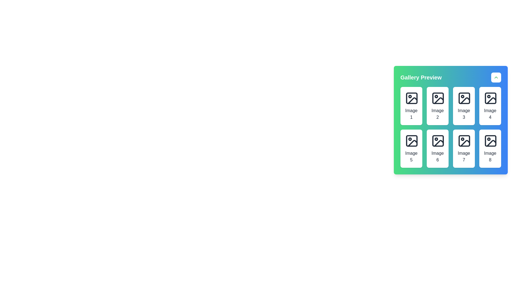 The height and width of the screenshot is (299, 531). What do you see at coordinates (491, 141) in the screenshot?
I see `the image placeholder icon labeled 'Image 8' located in the bottom-right cell of the 2x4 grid under the 'Gallery Preview' section` at bounding box center [491, 141].